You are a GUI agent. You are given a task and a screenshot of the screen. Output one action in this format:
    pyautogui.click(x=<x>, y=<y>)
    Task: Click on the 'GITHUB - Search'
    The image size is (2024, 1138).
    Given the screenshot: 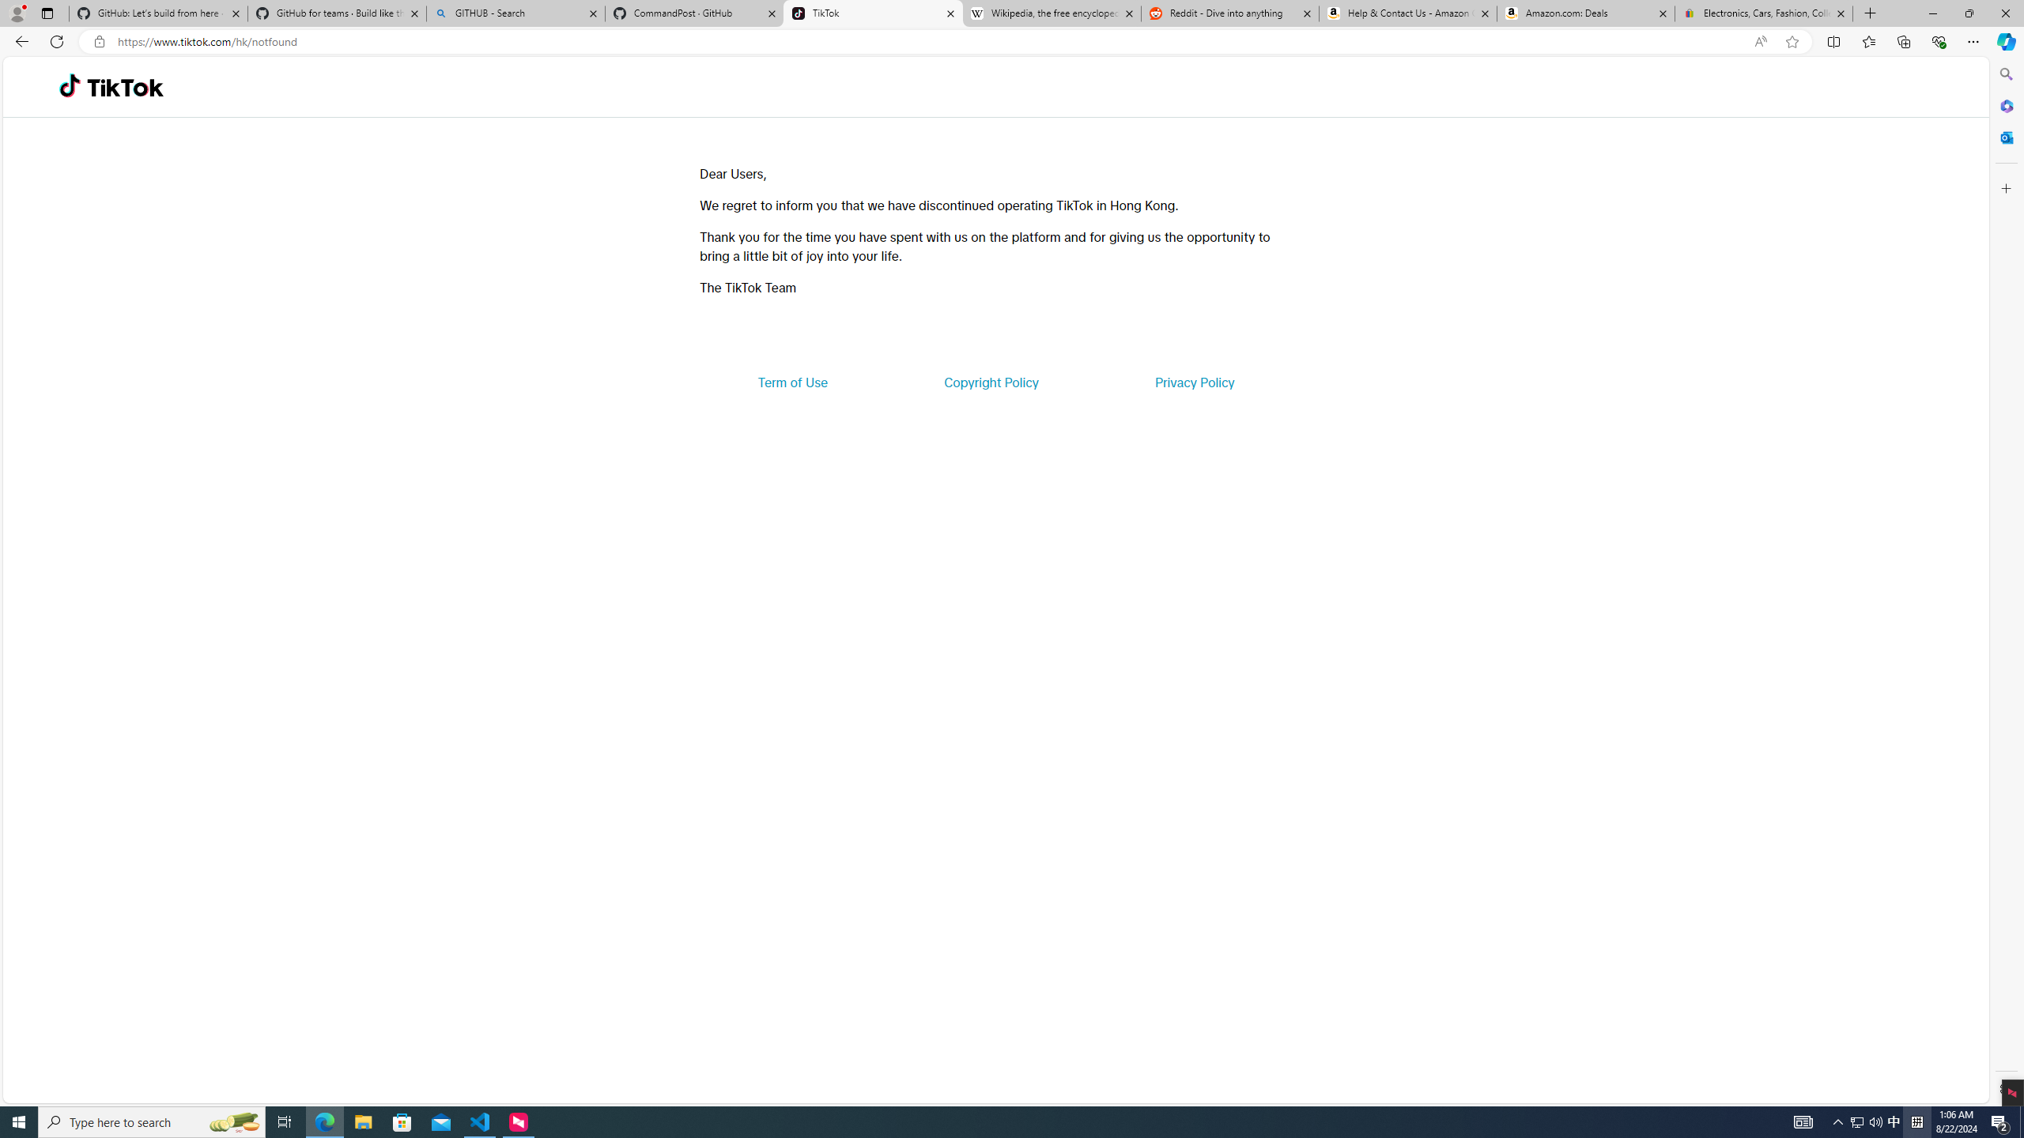 What is the action you would take?
    pyautogui.click(x=515, y=13)
    